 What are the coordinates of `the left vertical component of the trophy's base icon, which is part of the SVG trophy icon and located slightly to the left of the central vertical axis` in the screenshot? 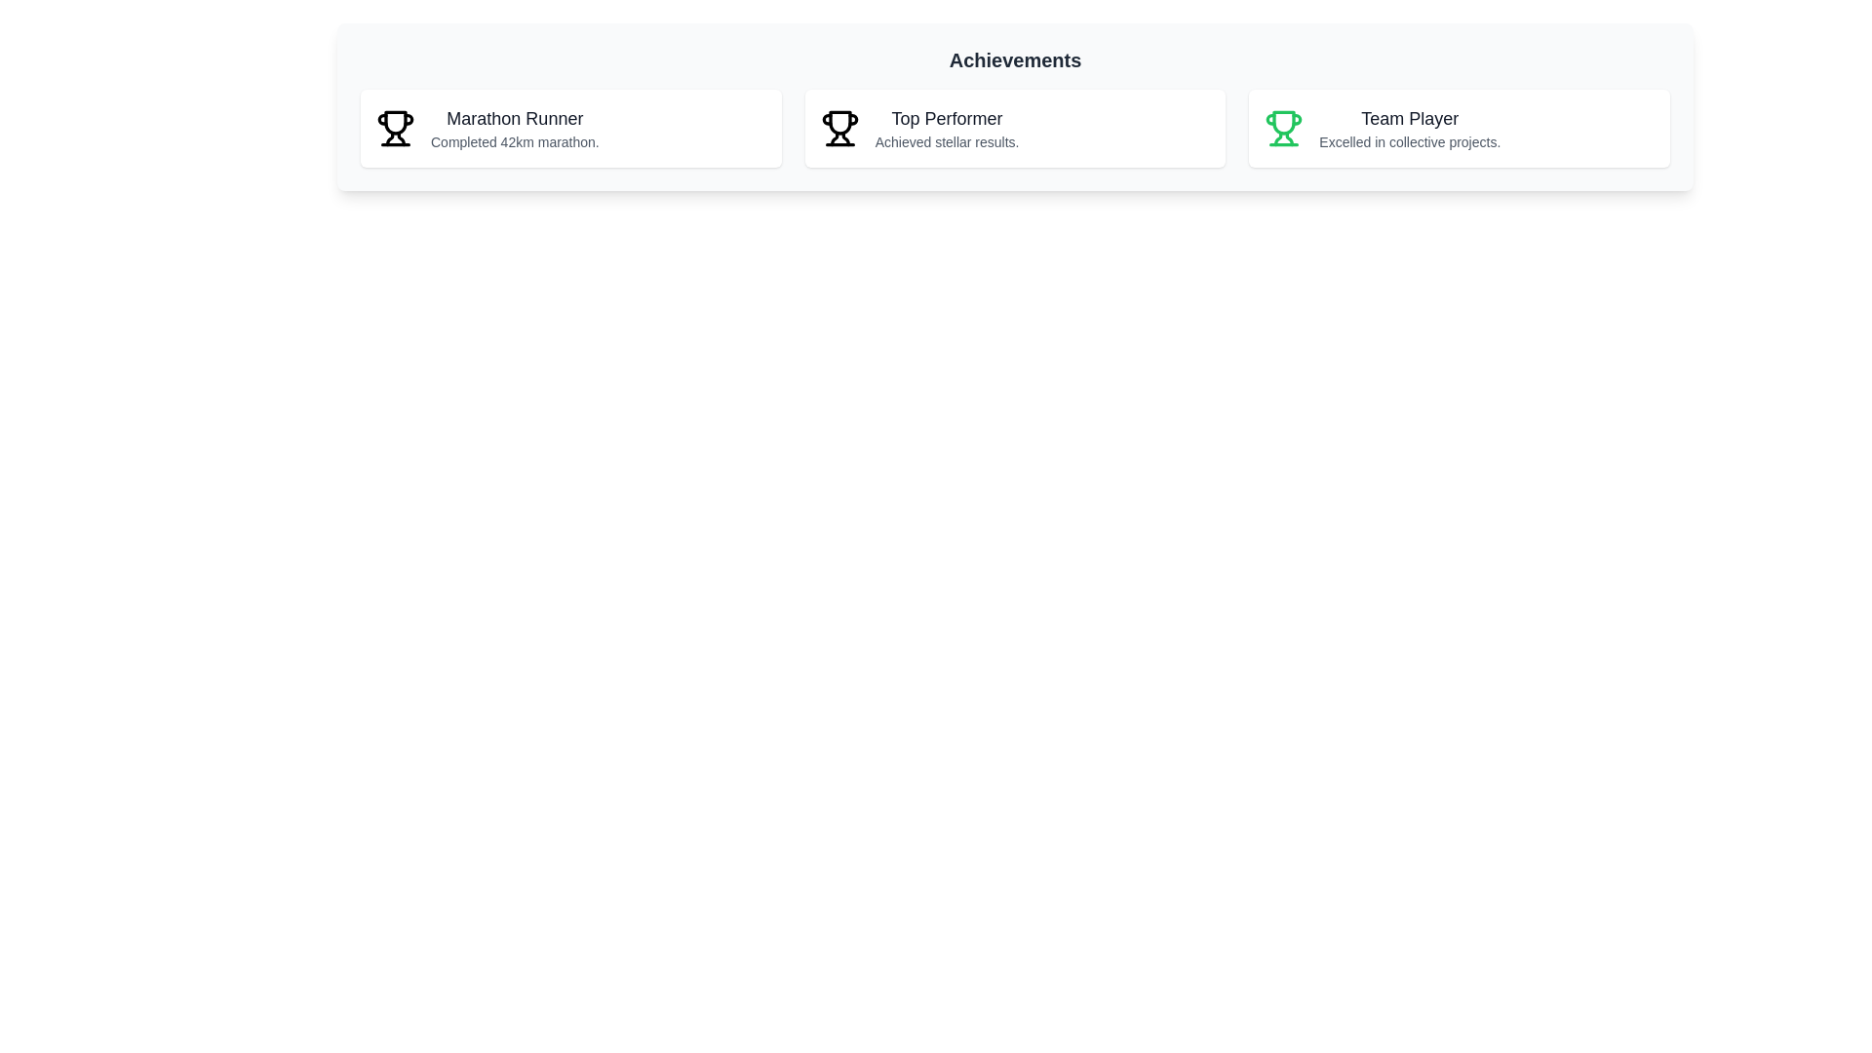 It's located at (390, 137).